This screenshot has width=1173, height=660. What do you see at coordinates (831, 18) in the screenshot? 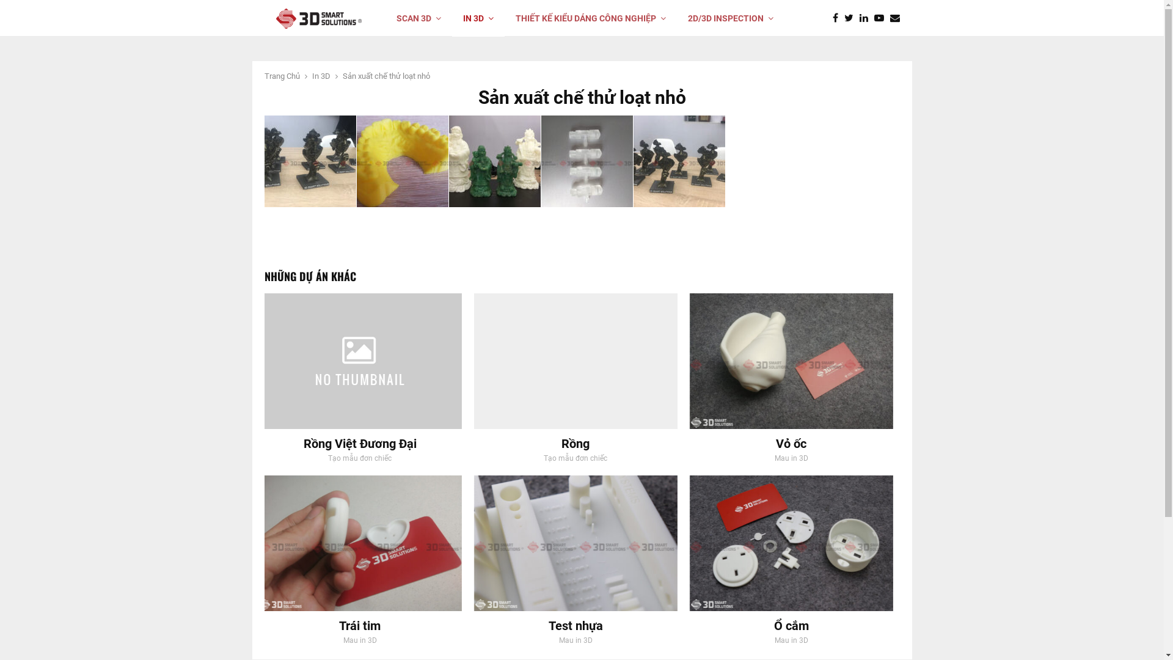
I see `'Facebook'` at bounding box center [831, 18].